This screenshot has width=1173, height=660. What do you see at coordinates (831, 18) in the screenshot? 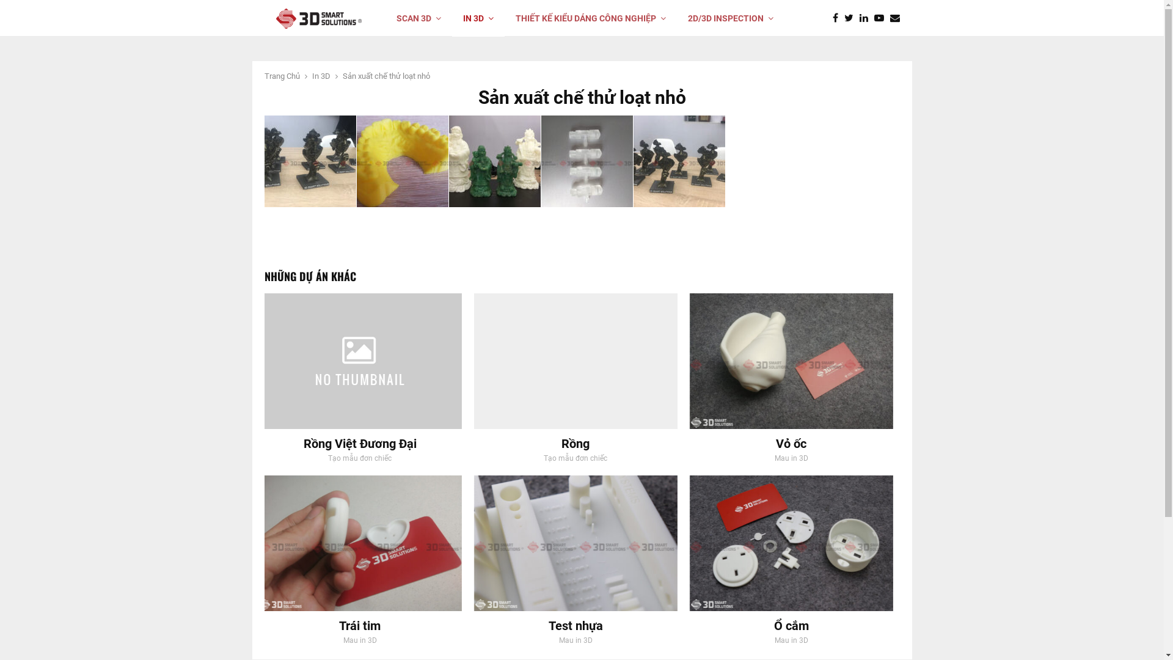
I see `'Facebook'` at bounding box center [831, 18].